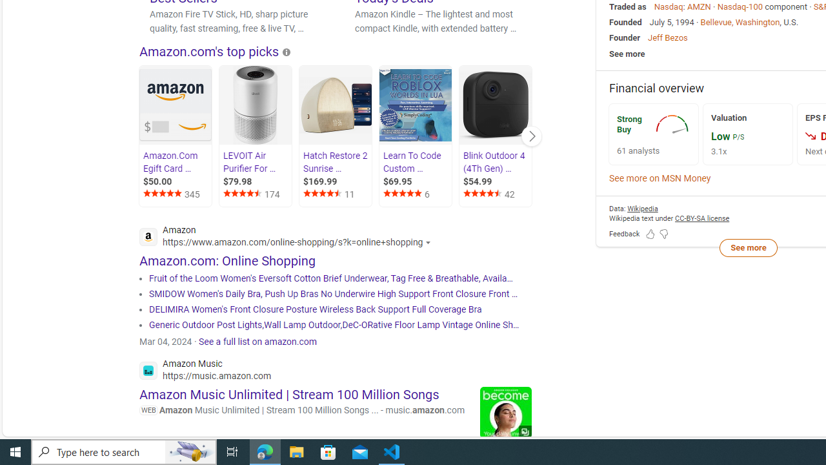 This screenshot has width=826, height=465. What do you see at coordinates (257, 194) in the screenshot?
I see `'174'` at bounding box center [257, 194].